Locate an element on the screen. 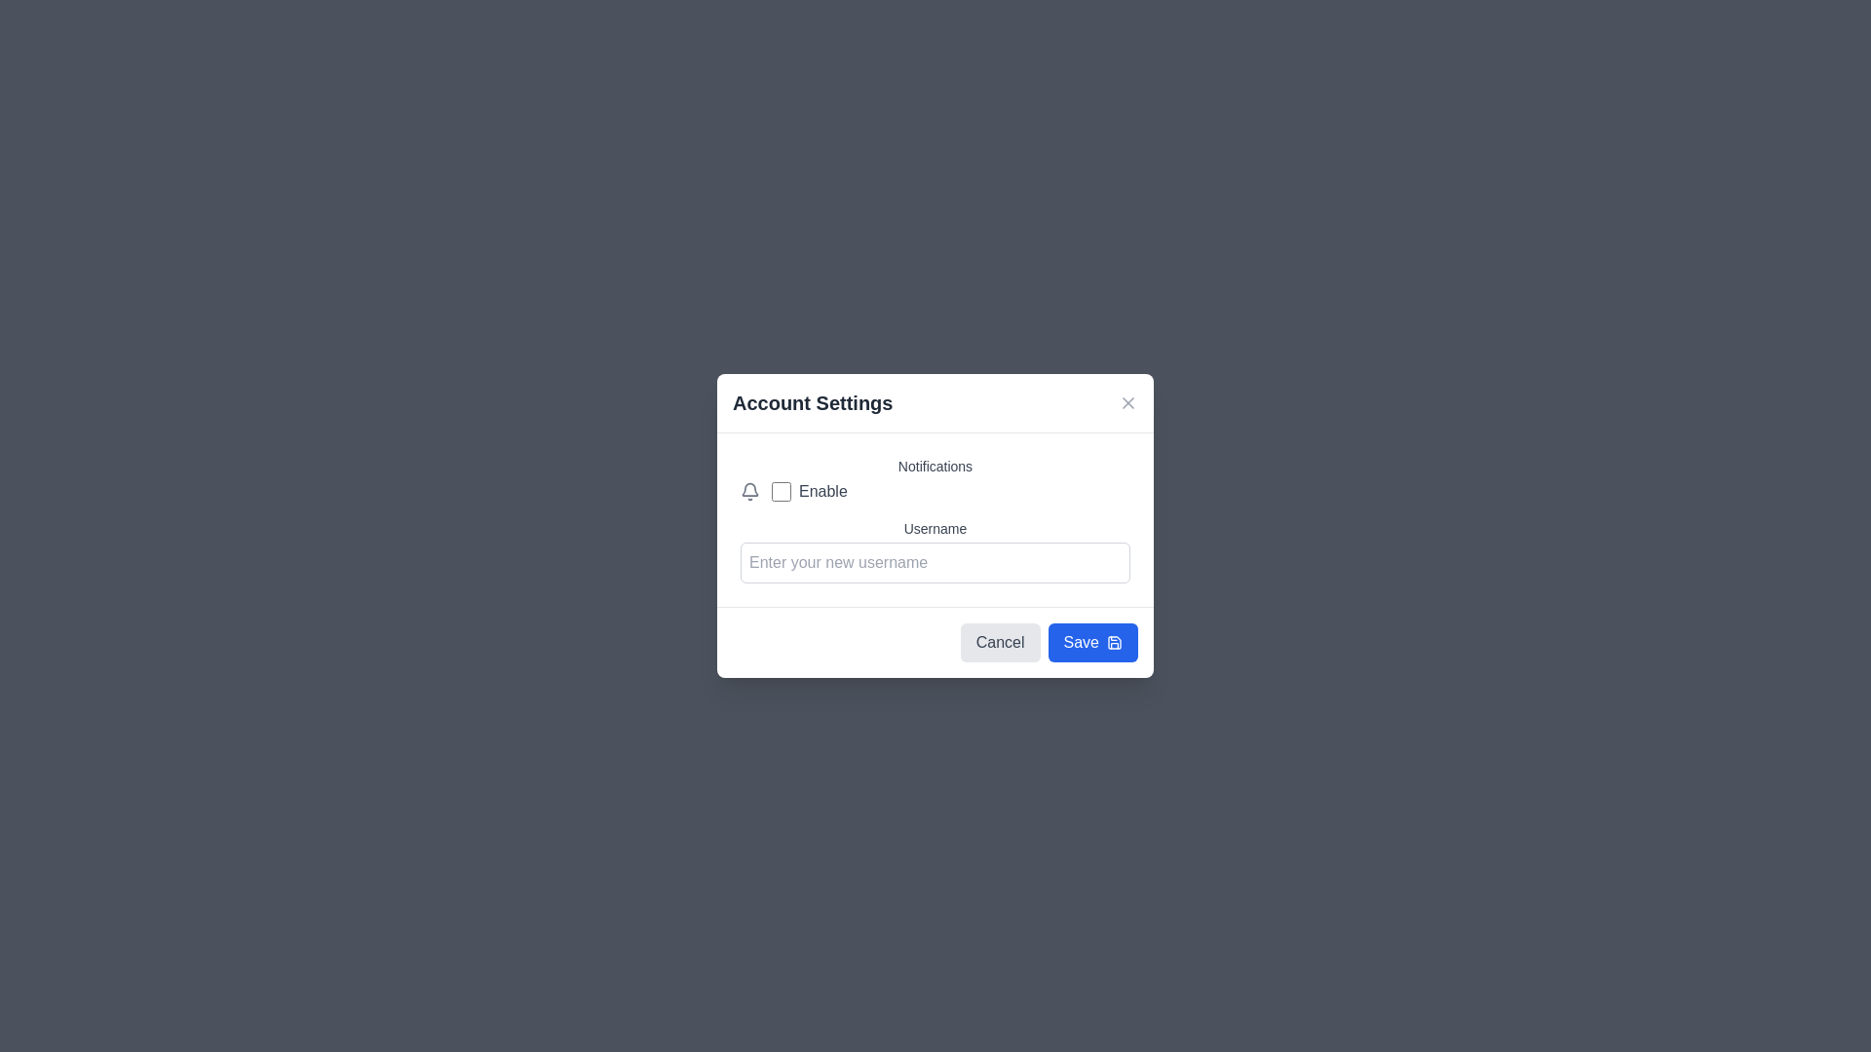  the small gray bell icon representing notifications, located to the left of the 'Enable' text and checkbox in the 'Account Settings' dialog box is located at coordinates (748, 491).